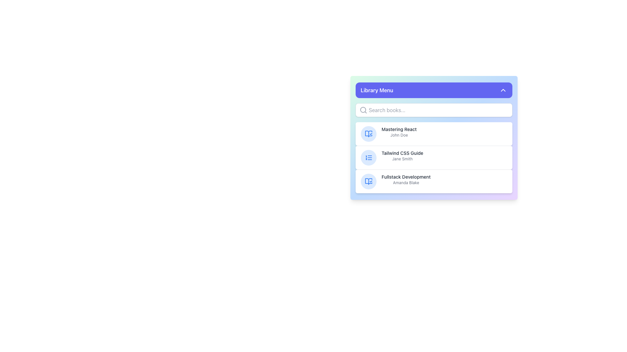 The image size is (627, 352). I want to click on contributor information from the text label located beneath the title 'Mastering React' in the first entry of the book list, so click(399, 135).